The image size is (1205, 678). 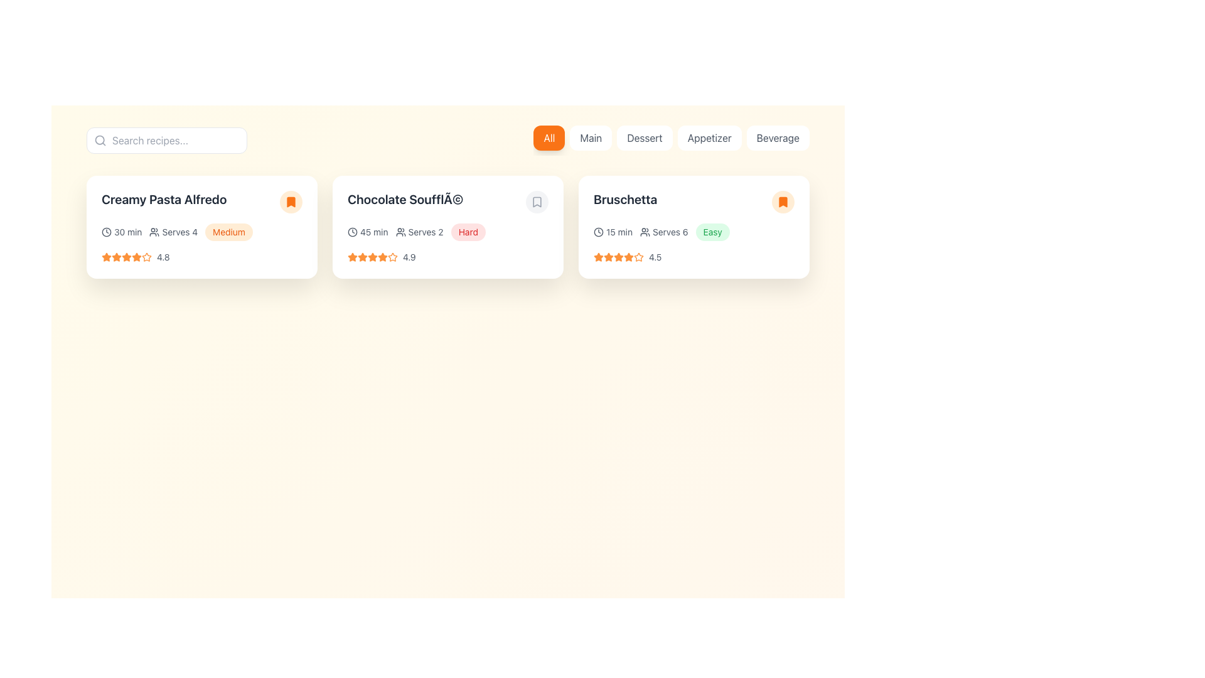 I want to click on the fourth star, so click(x=106, y=256).